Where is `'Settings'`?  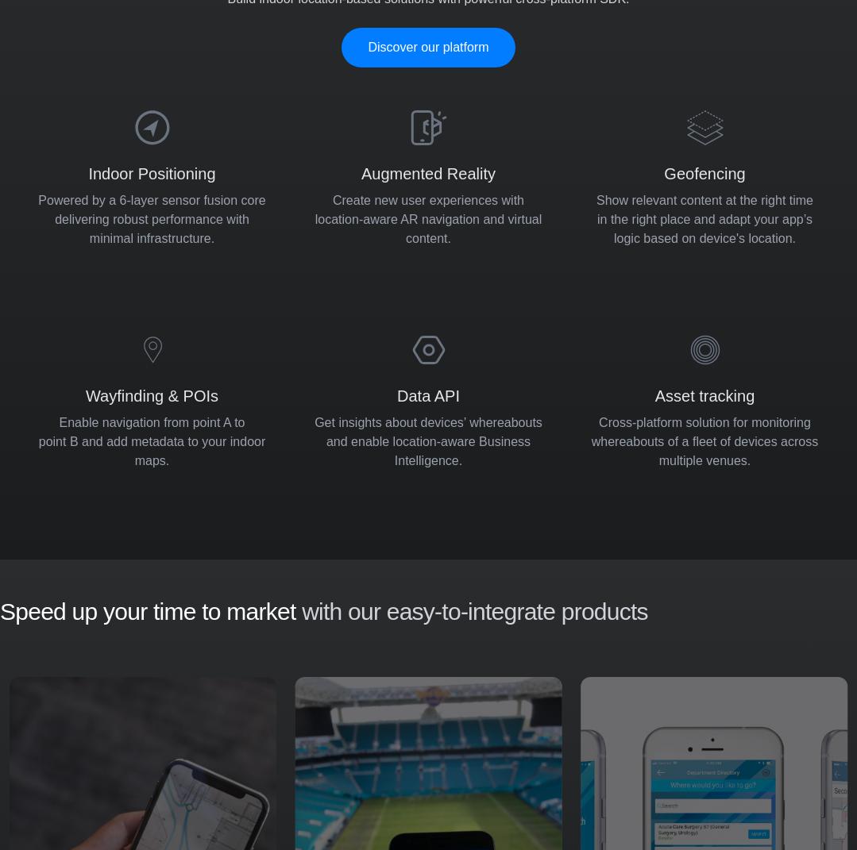
'Settings' is located at coordinates (720, 689).